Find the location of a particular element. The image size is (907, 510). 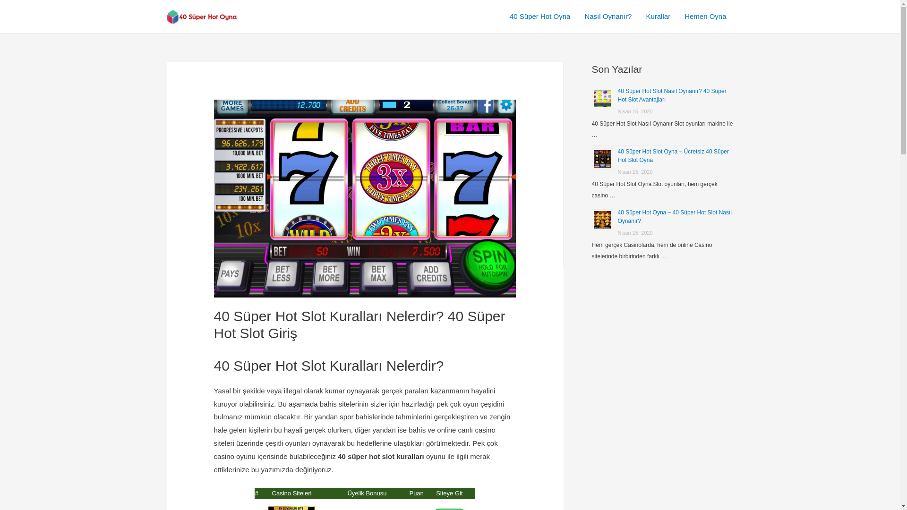

'Kurallar' is located at coordinates (657, 16).